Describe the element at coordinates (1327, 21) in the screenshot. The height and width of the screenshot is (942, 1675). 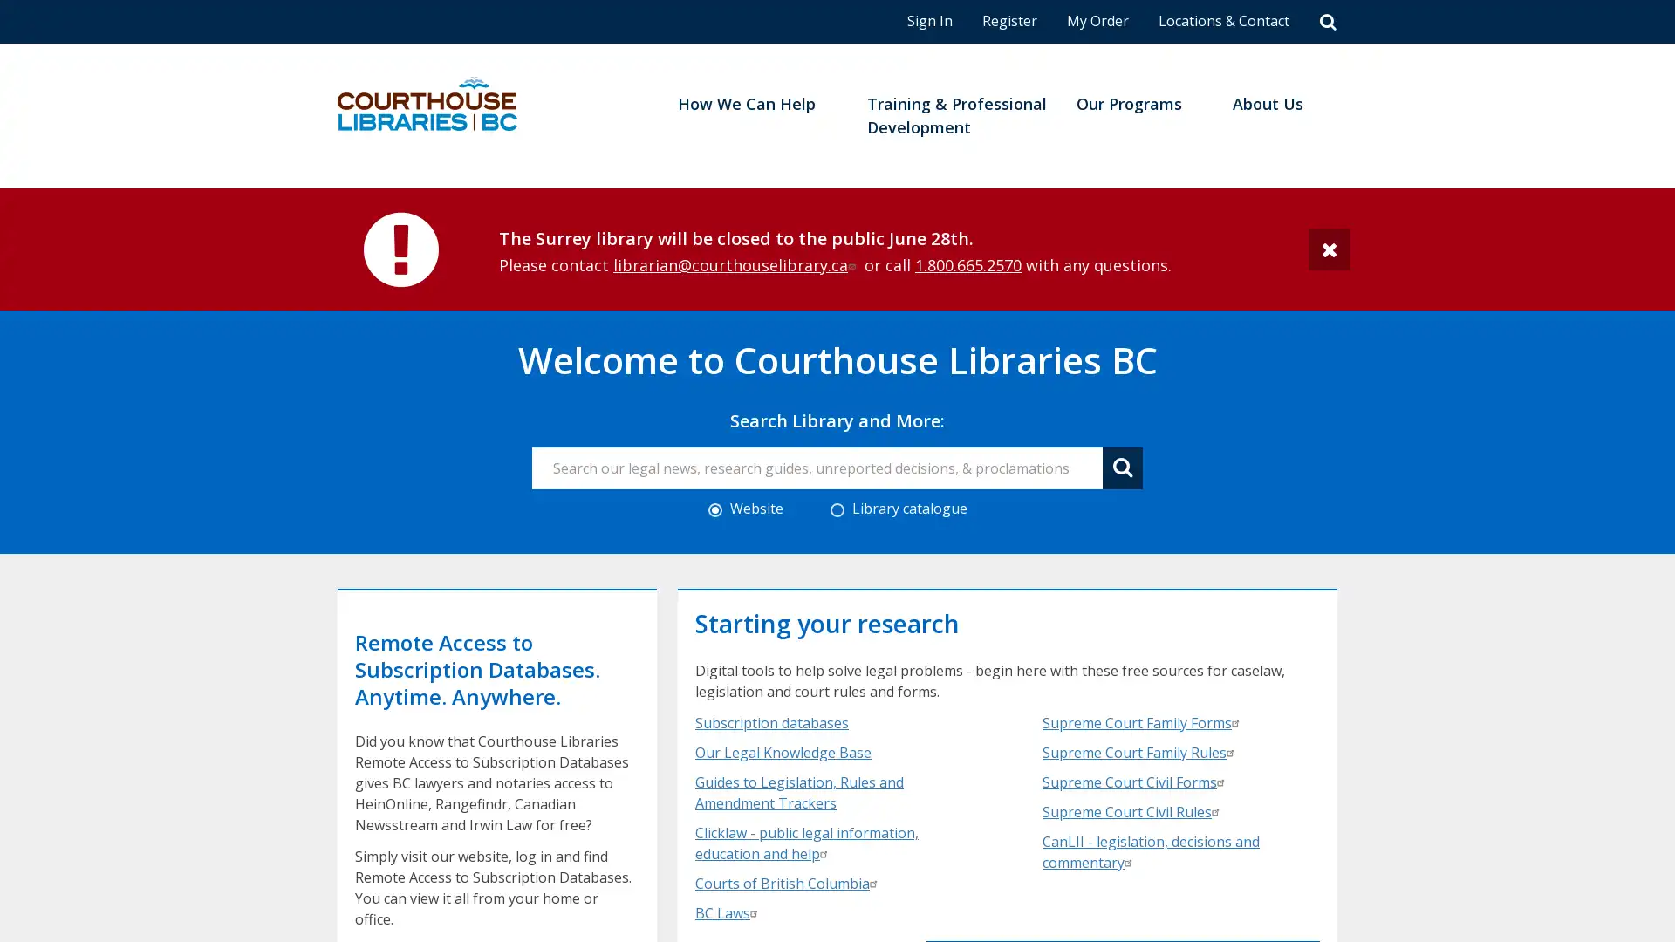
I see `Search` at that location.